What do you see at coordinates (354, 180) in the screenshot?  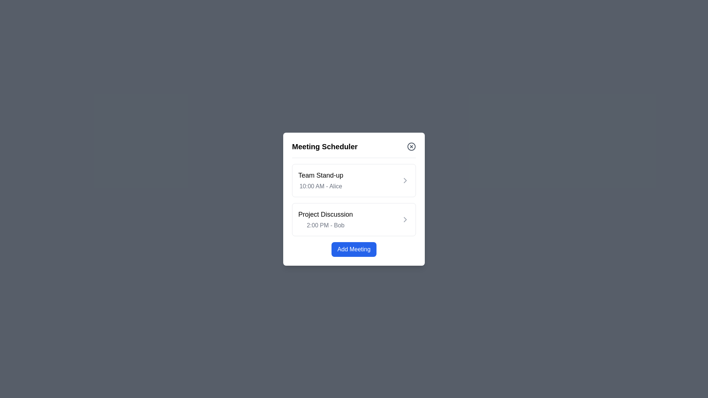 I see `the first list item in the Meeting Scheduler titled 'Team Stand-up'` at bounding box center [354, 180].